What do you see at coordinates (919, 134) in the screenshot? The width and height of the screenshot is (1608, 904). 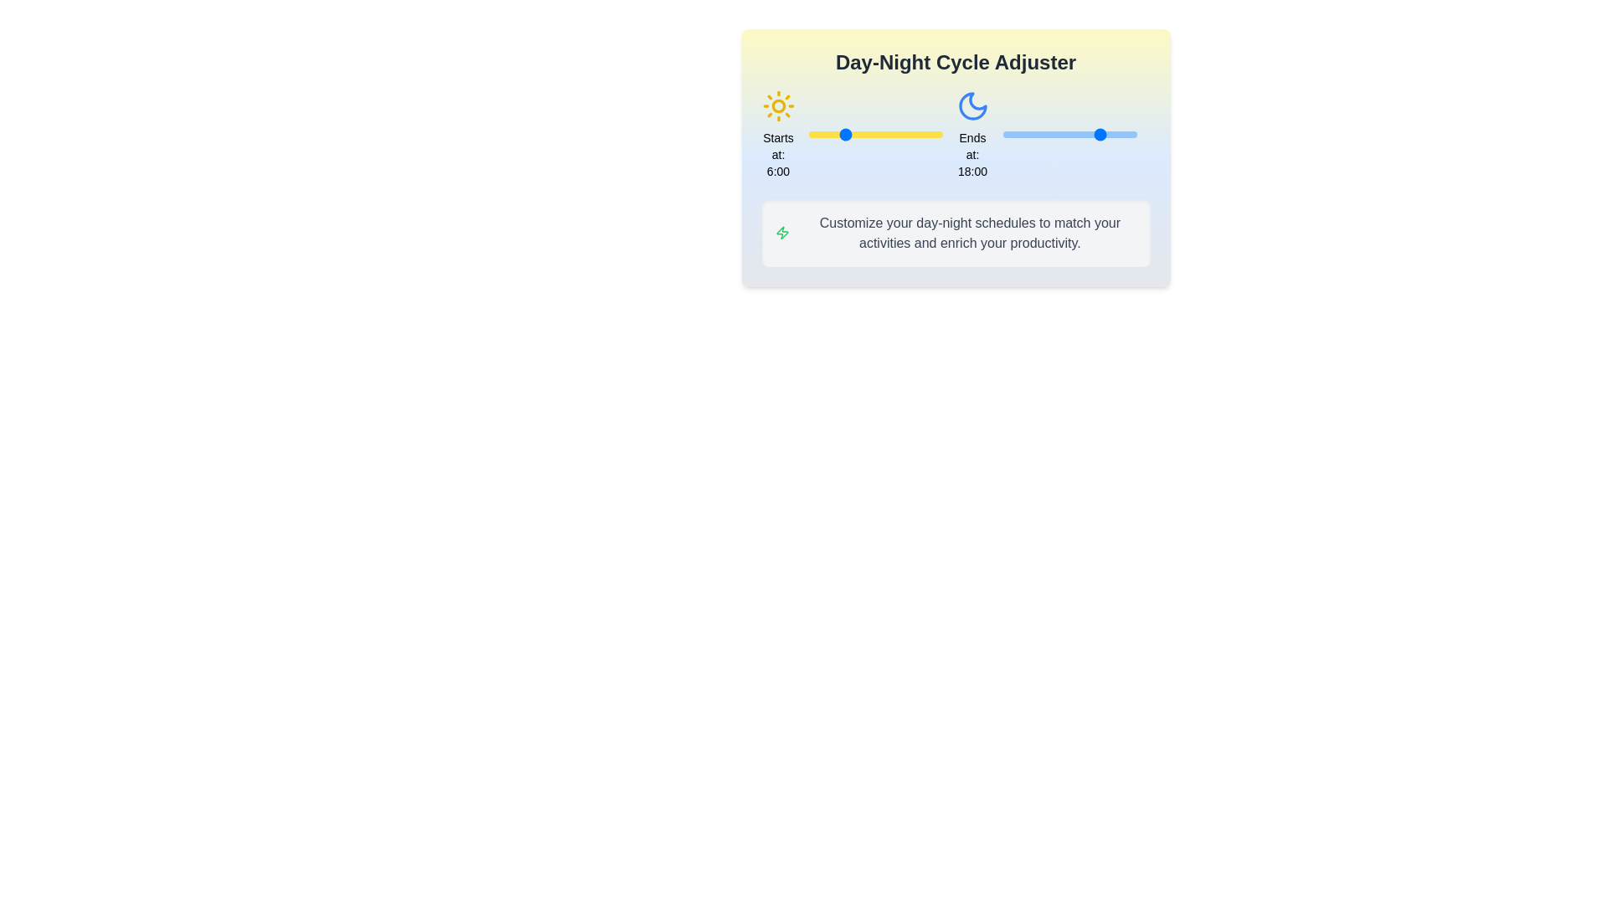 I see `the start time of the day cycle to 20 hours using the left slider` at bounding box center [919, 134].